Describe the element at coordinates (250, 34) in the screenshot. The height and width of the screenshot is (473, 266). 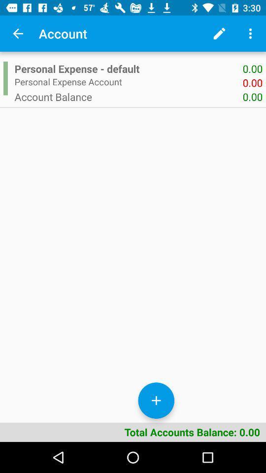
I see `icon above 0.00` at that location.